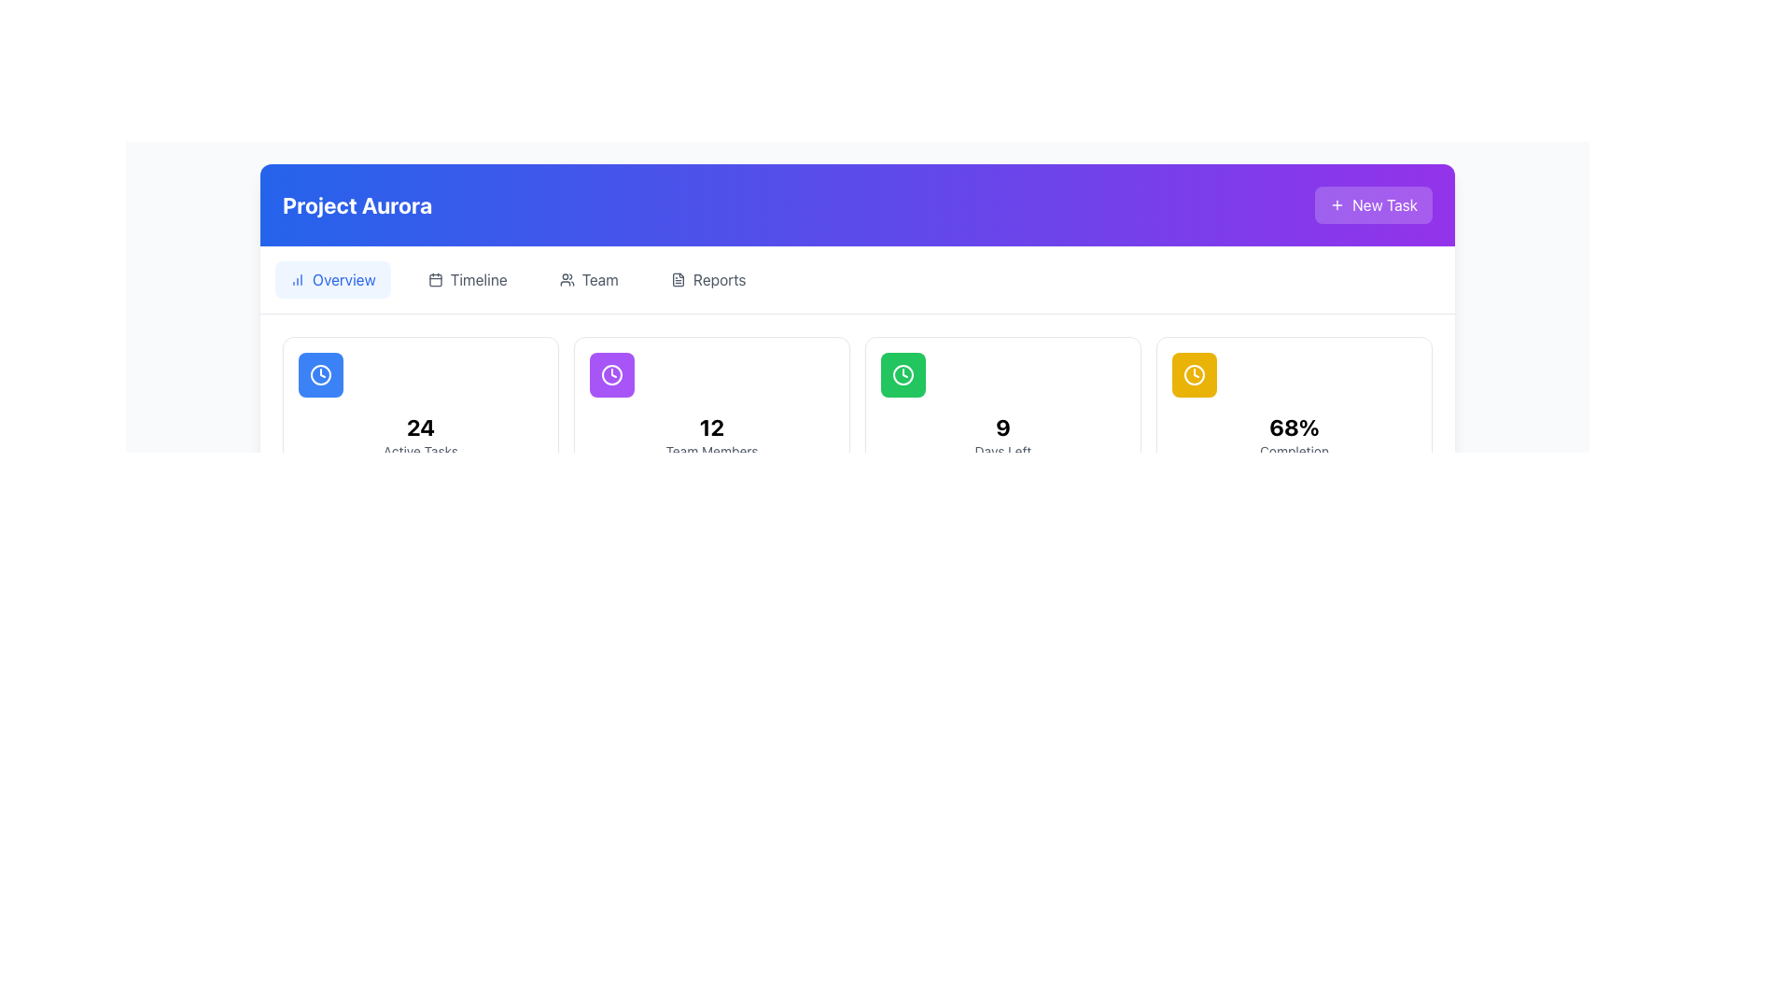  What do you see at coordinates (566, 280) in the screenshot?
I see `the user group icon located to the left of the 'Team' label in the navigation area` at bounding box center [566, 280].